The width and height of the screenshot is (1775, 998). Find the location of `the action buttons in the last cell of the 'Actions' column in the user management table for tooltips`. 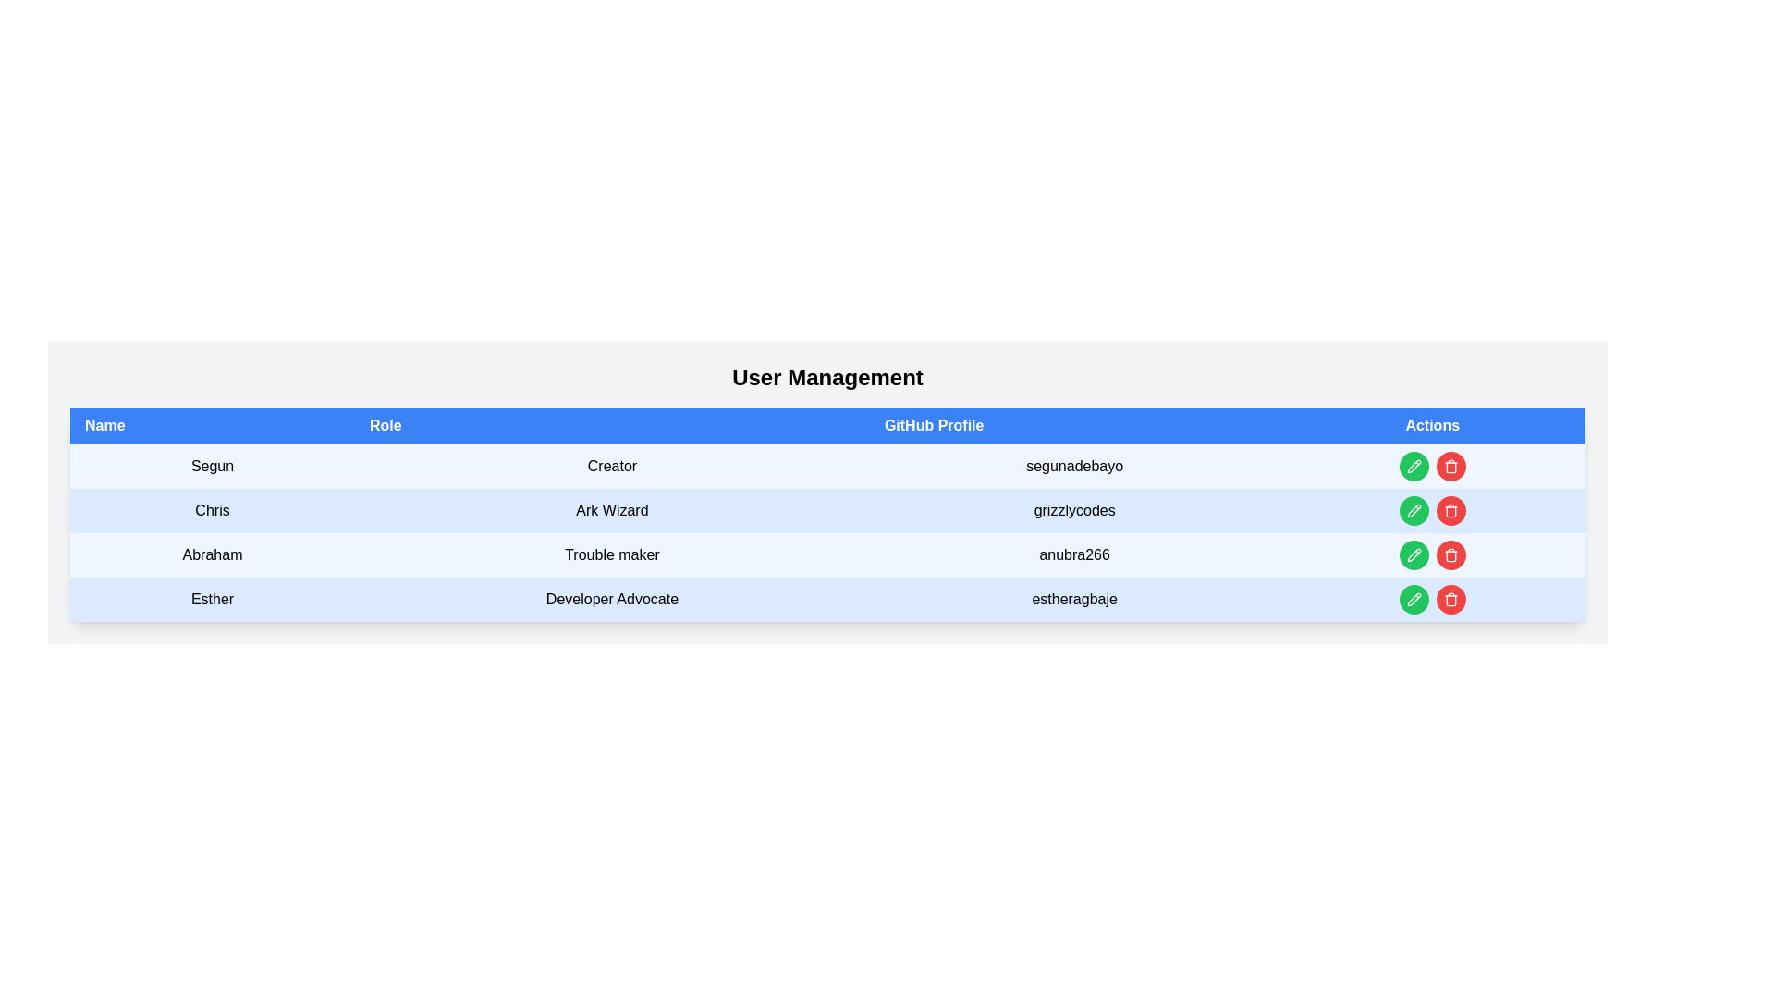

the action buttons in the last cell of the 'Actions' column in the user management table for tooltips is located at coordinates (1431, 466).